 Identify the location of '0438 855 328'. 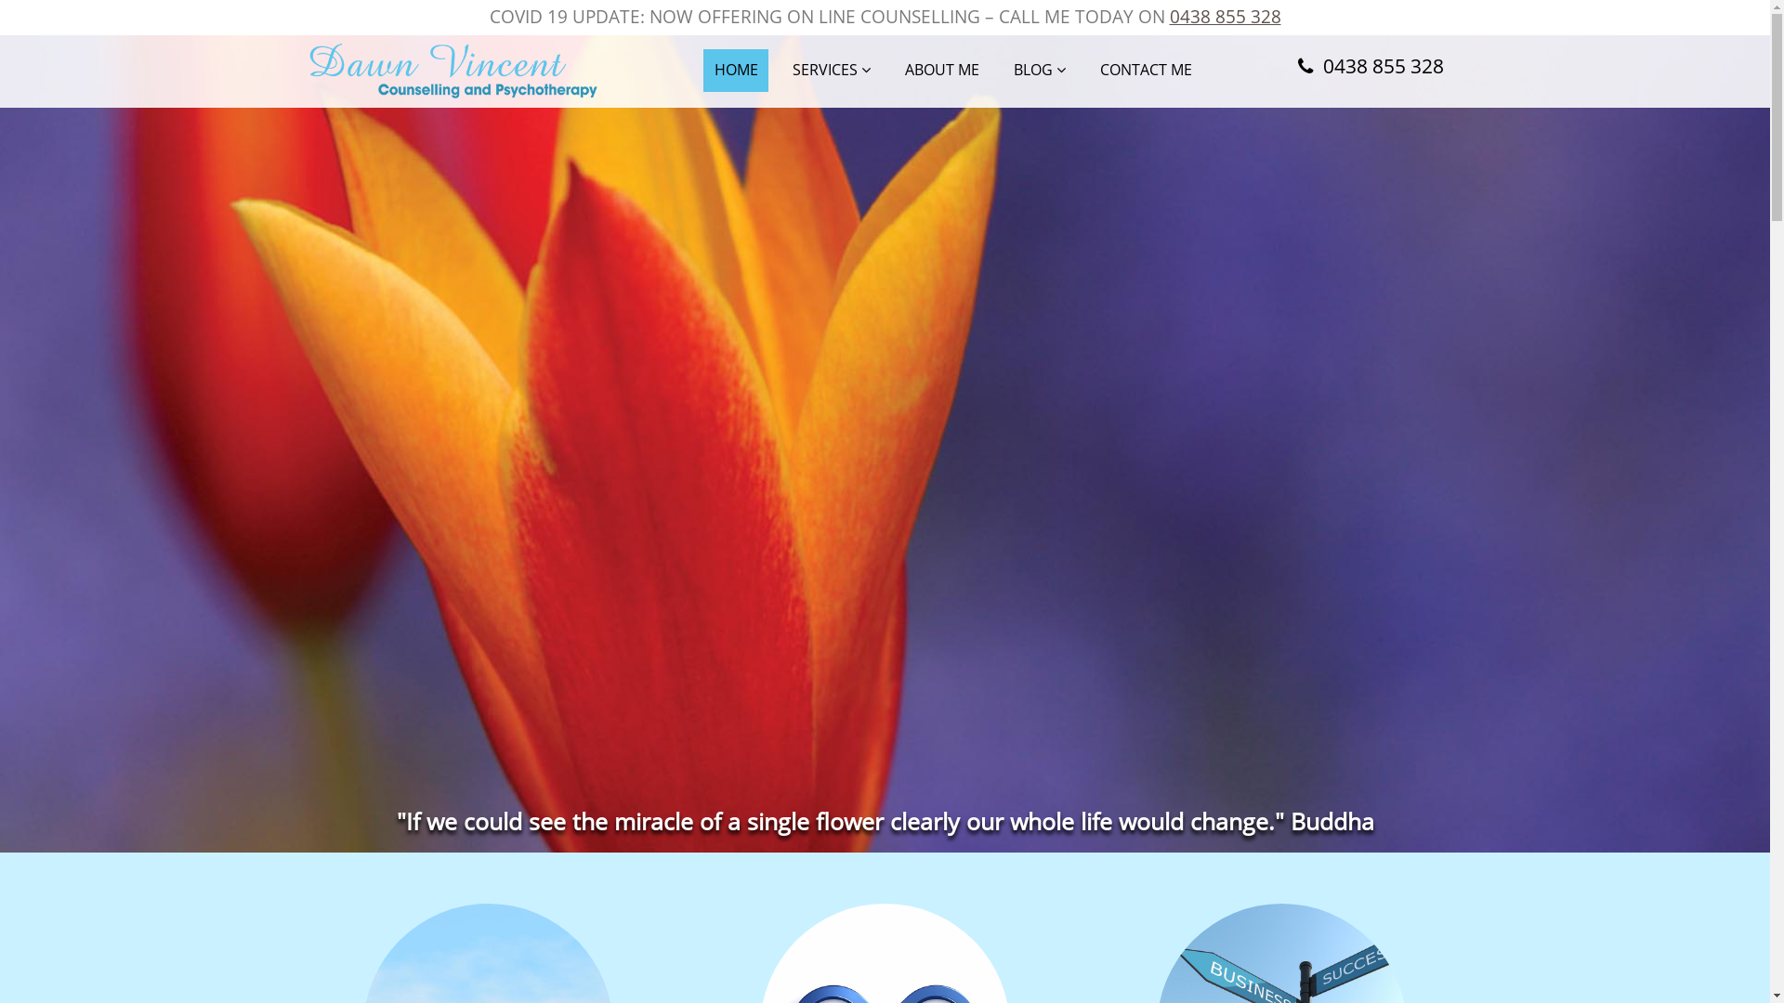
(1225, 17).